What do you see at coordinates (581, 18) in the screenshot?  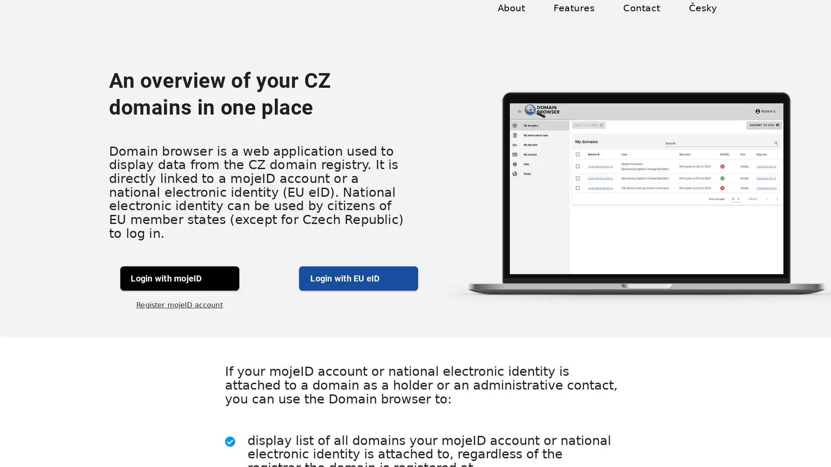 I see `Features` at bounding box center [581, 18].